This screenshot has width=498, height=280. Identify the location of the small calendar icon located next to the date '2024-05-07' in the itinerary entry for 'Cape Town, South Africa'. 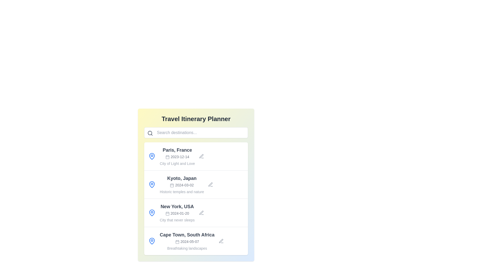
(177, 242).